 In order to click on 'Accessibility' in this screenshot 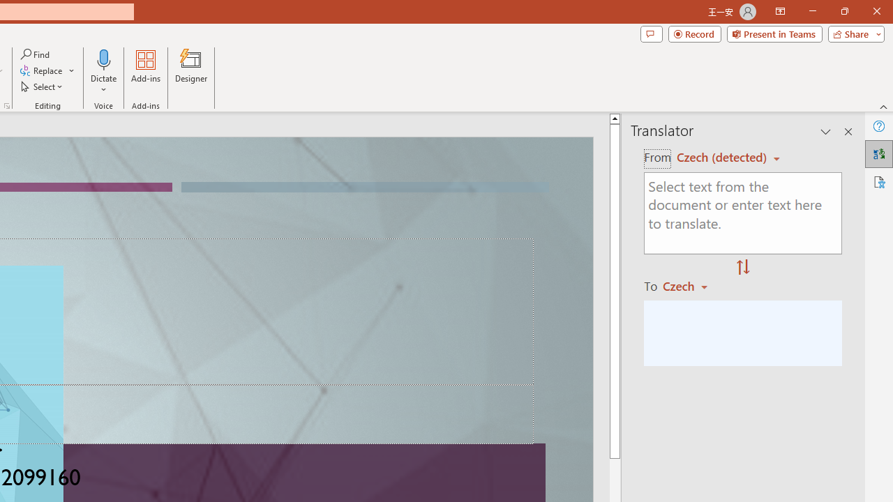, I will do `click(878, 181)`.